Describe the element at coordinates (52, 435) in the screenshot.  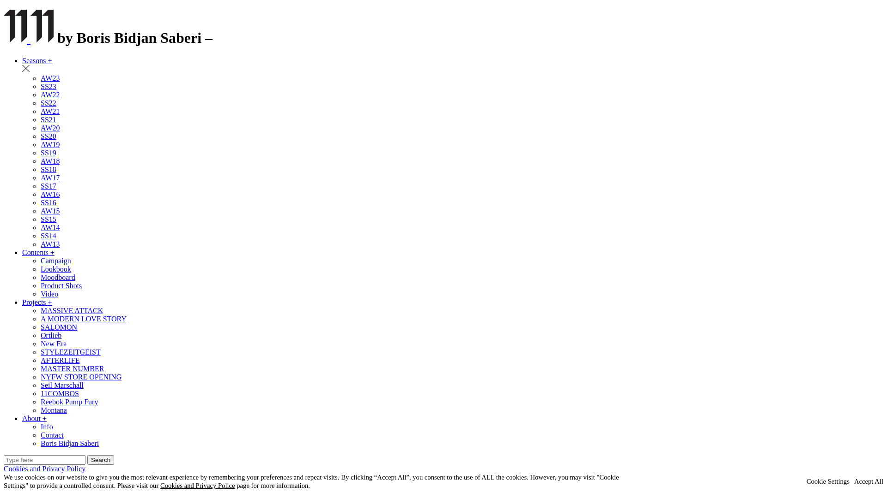
I see `'Contact'` at that location.